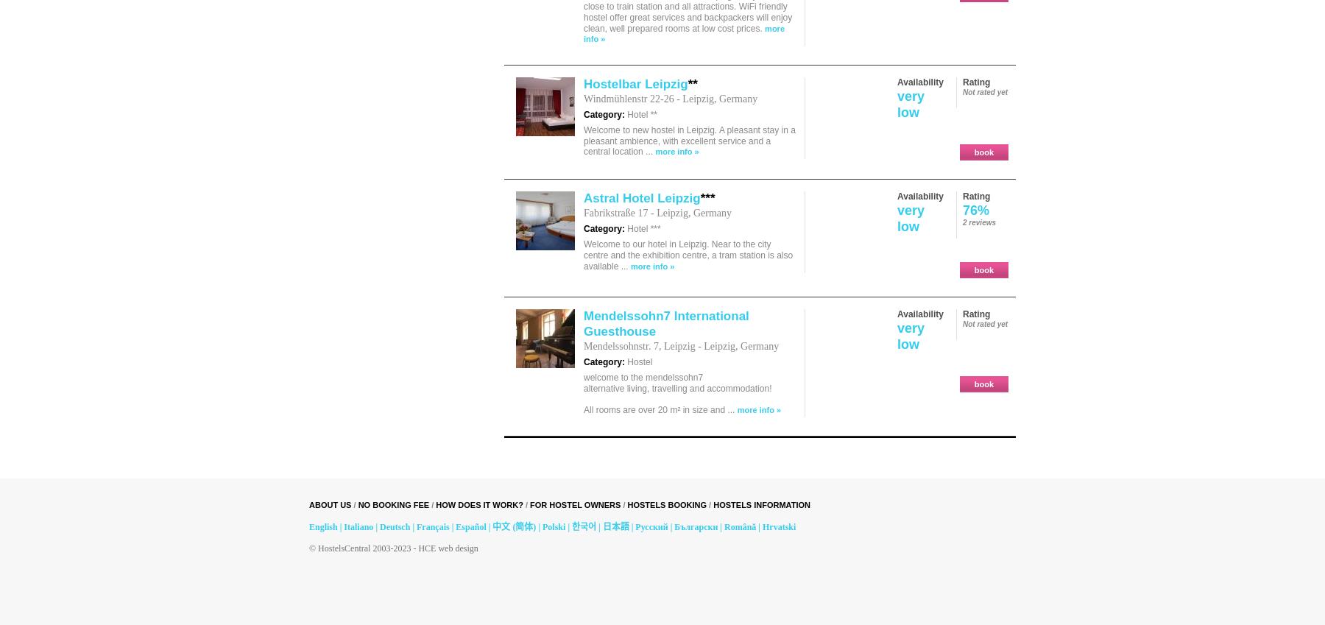 Image resolution: width=1325 pixels, height=625 pixels. What do you see at coordinates (722, 526) in the screenshot?
I see `'Română'` at bounding box center [722, 526].